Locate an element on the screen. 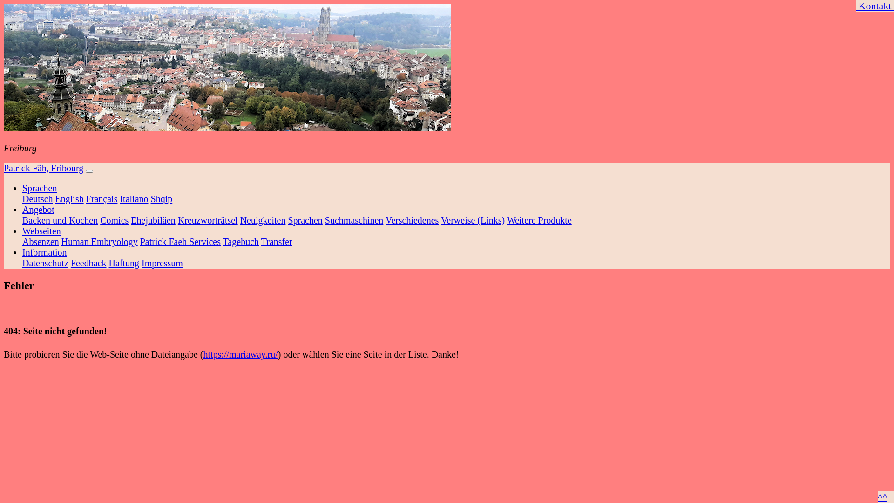  'Absenzen' is located at coordinates (22, 241).